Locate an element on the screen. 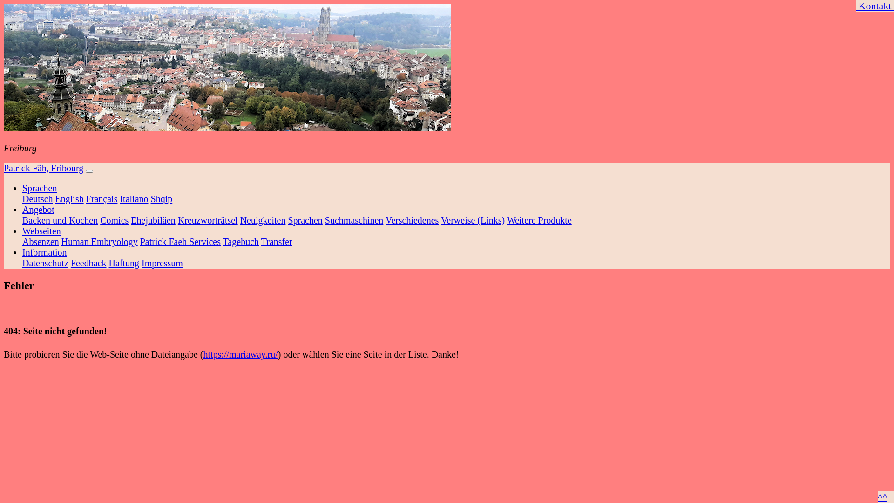  'Absenzen' is located at coordinates (22, 241).